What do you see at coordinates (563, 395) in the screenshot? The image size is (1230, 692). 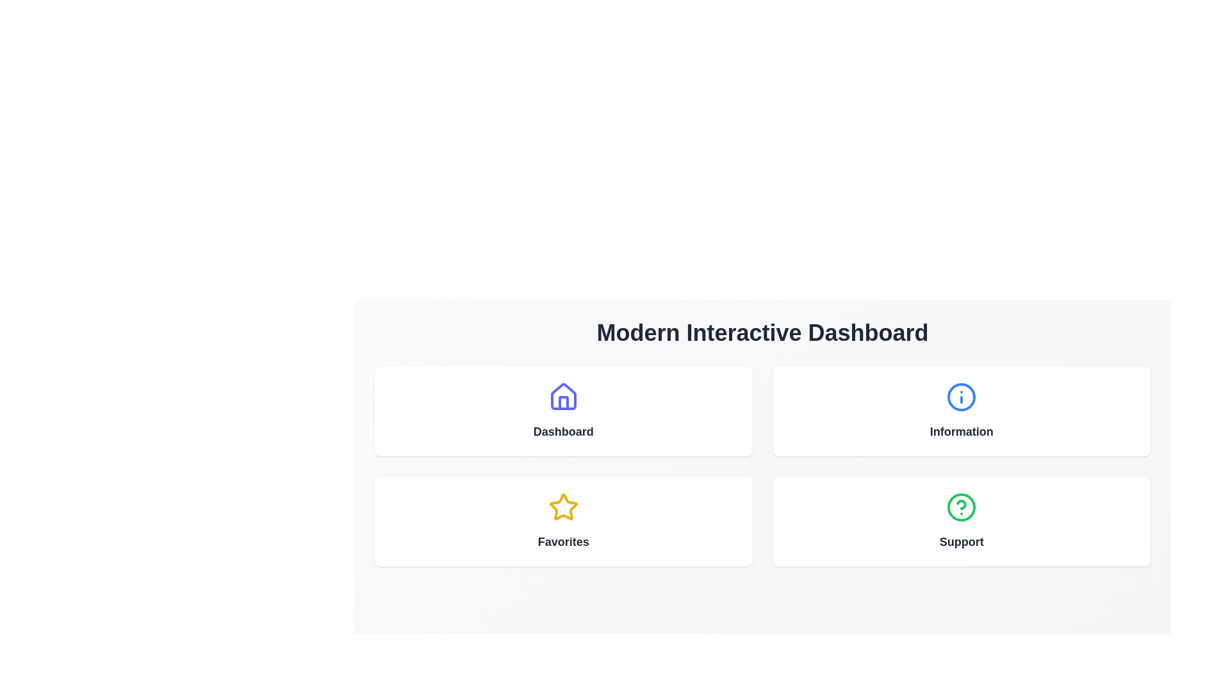 I see `the top-left house icon with a purple outline in the dashboard interface, which is labeled 'Dashboard'` at bounding box center [563, 395].